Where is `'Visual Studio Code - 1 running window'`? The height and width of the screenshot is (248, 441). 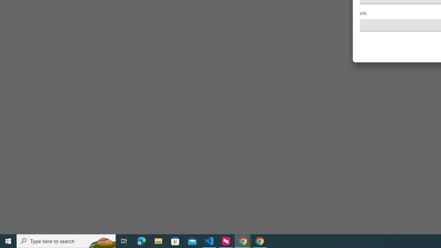
'Visual Studio Code - 1 running window' is located at coordinates (209, 240).